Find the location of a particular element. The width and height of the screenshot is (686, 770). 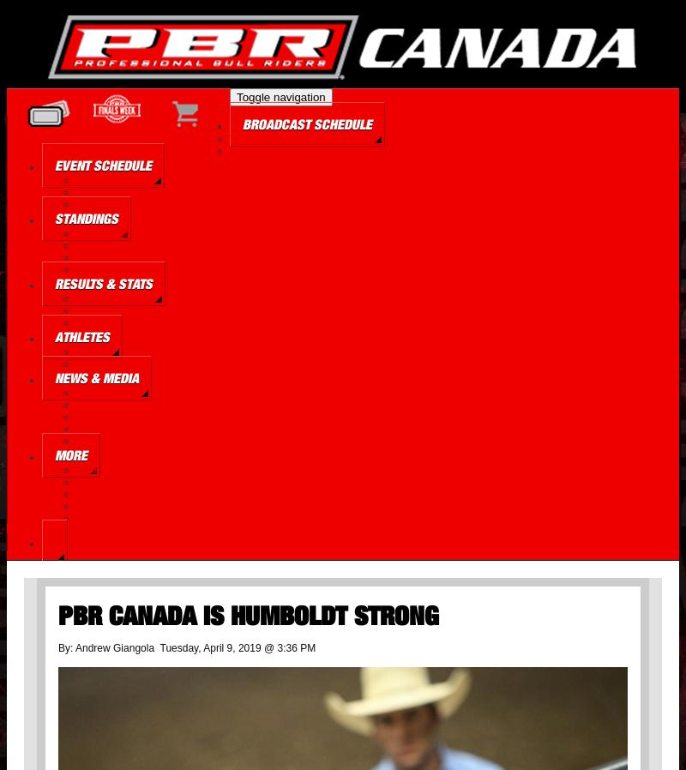

'More' is located at coordinates (71, 454).